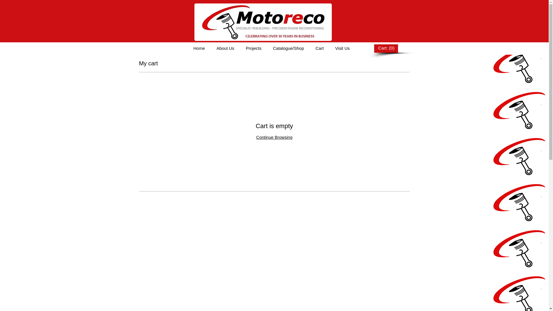 Image resolution: width=553 pixels, height=311 pixels. What do you see at coordinates (274, 137) in the screenshot?
I see `'Continue Browsing'` at bounding box center [274, 137].